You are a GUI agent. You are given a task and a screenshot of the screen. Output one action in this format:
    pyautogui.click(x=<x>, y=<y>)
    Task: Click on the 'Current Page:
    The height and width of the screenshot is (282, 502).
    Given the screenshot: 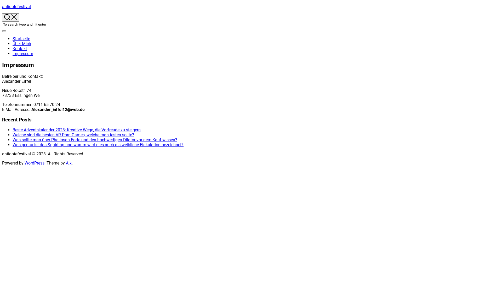 What is the action you would take?
    pyautogui.click(x=13, y=54)
    